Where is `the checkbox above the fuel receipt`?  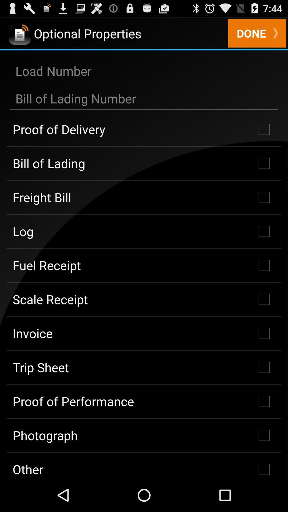
the checkbox above the fuel receipt is located at coordinates (144, 231).